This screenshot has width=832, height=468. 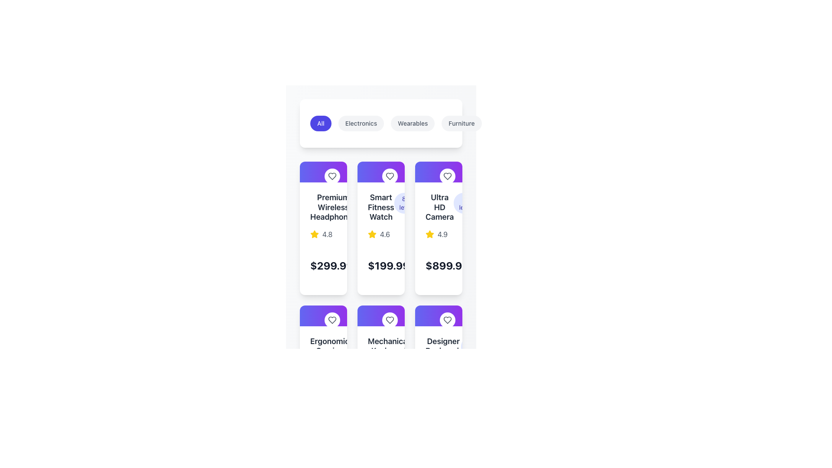 I want to click on the text label group that displays the title 'Designer Backpack' and its status badge showing '25 left', located at the bottom right of the product grid, so click(x=439, y=346).